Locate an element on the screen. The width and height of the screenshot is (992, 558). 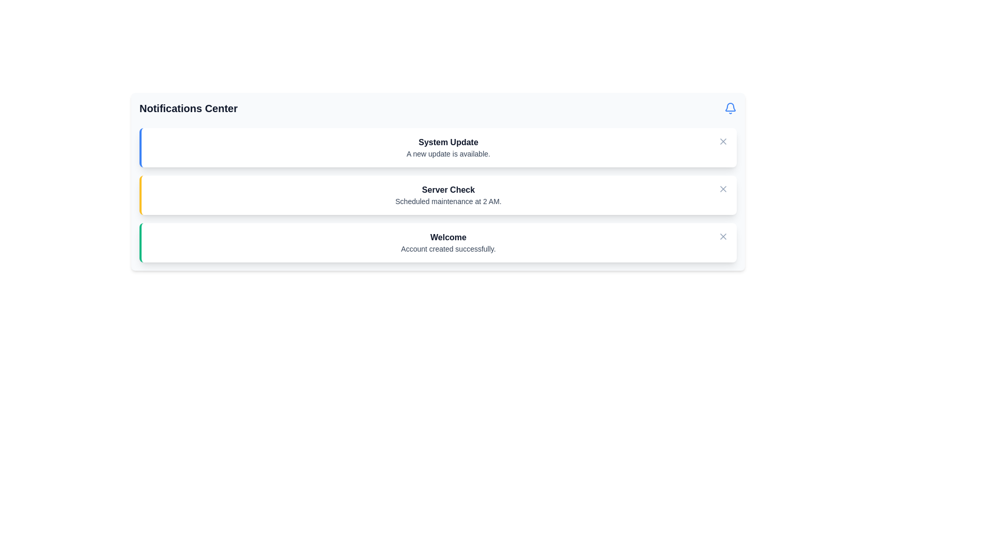
the notification text block that informs users about scheduled server maintenance, located in the middle notification card of a vertically stacked list is located at coordinates (448, 195).